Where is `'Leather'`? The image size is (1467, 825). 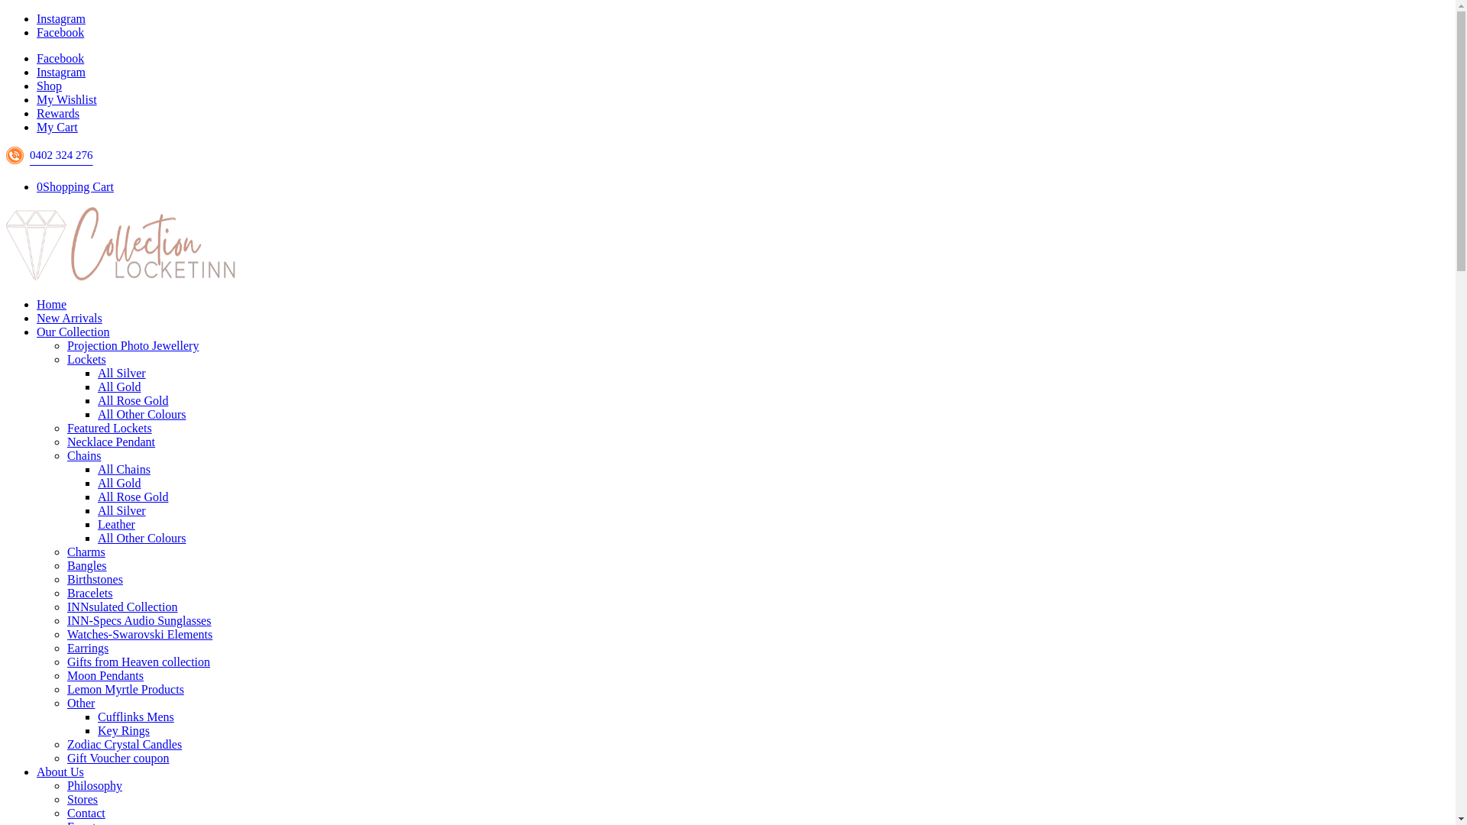
'Leather' is located at coordinates (97, 523).